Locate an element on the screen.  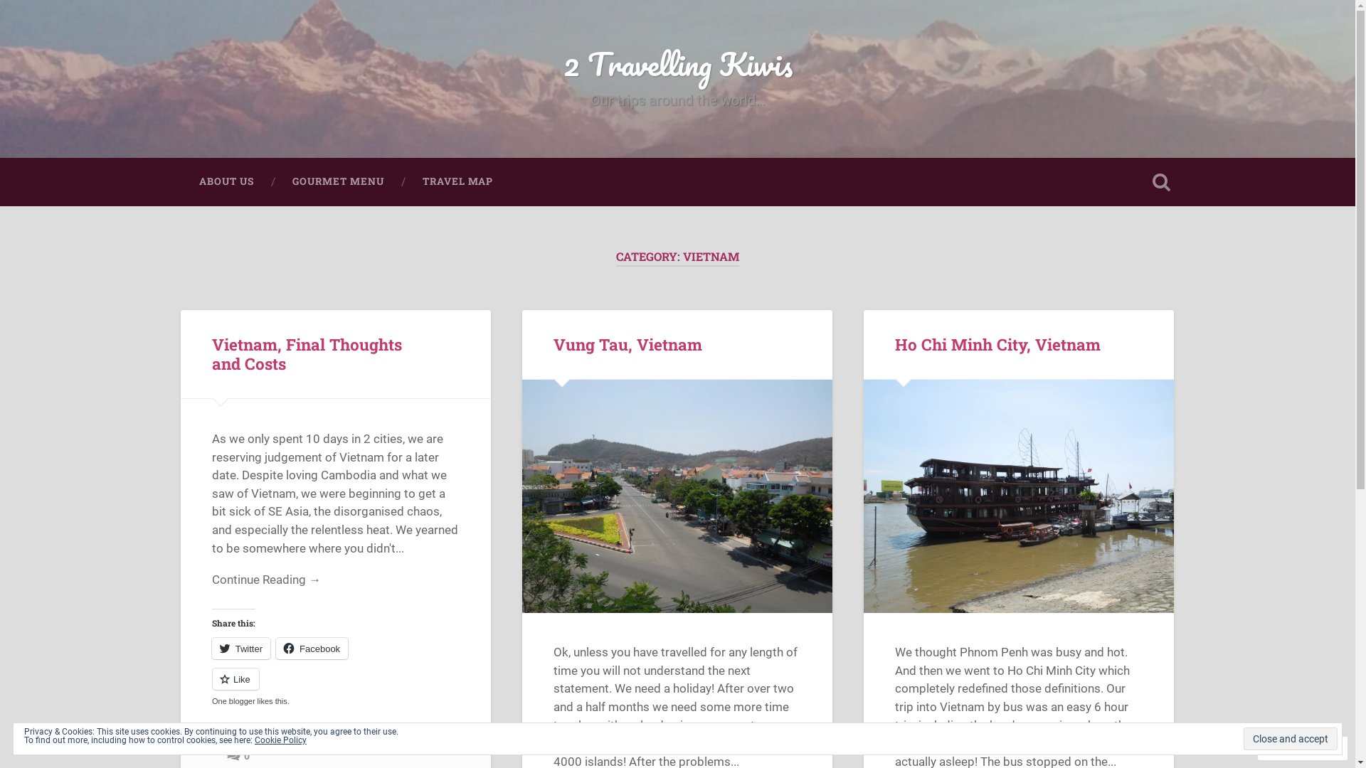
'Open Search' is located at coordinates (1161, 181).